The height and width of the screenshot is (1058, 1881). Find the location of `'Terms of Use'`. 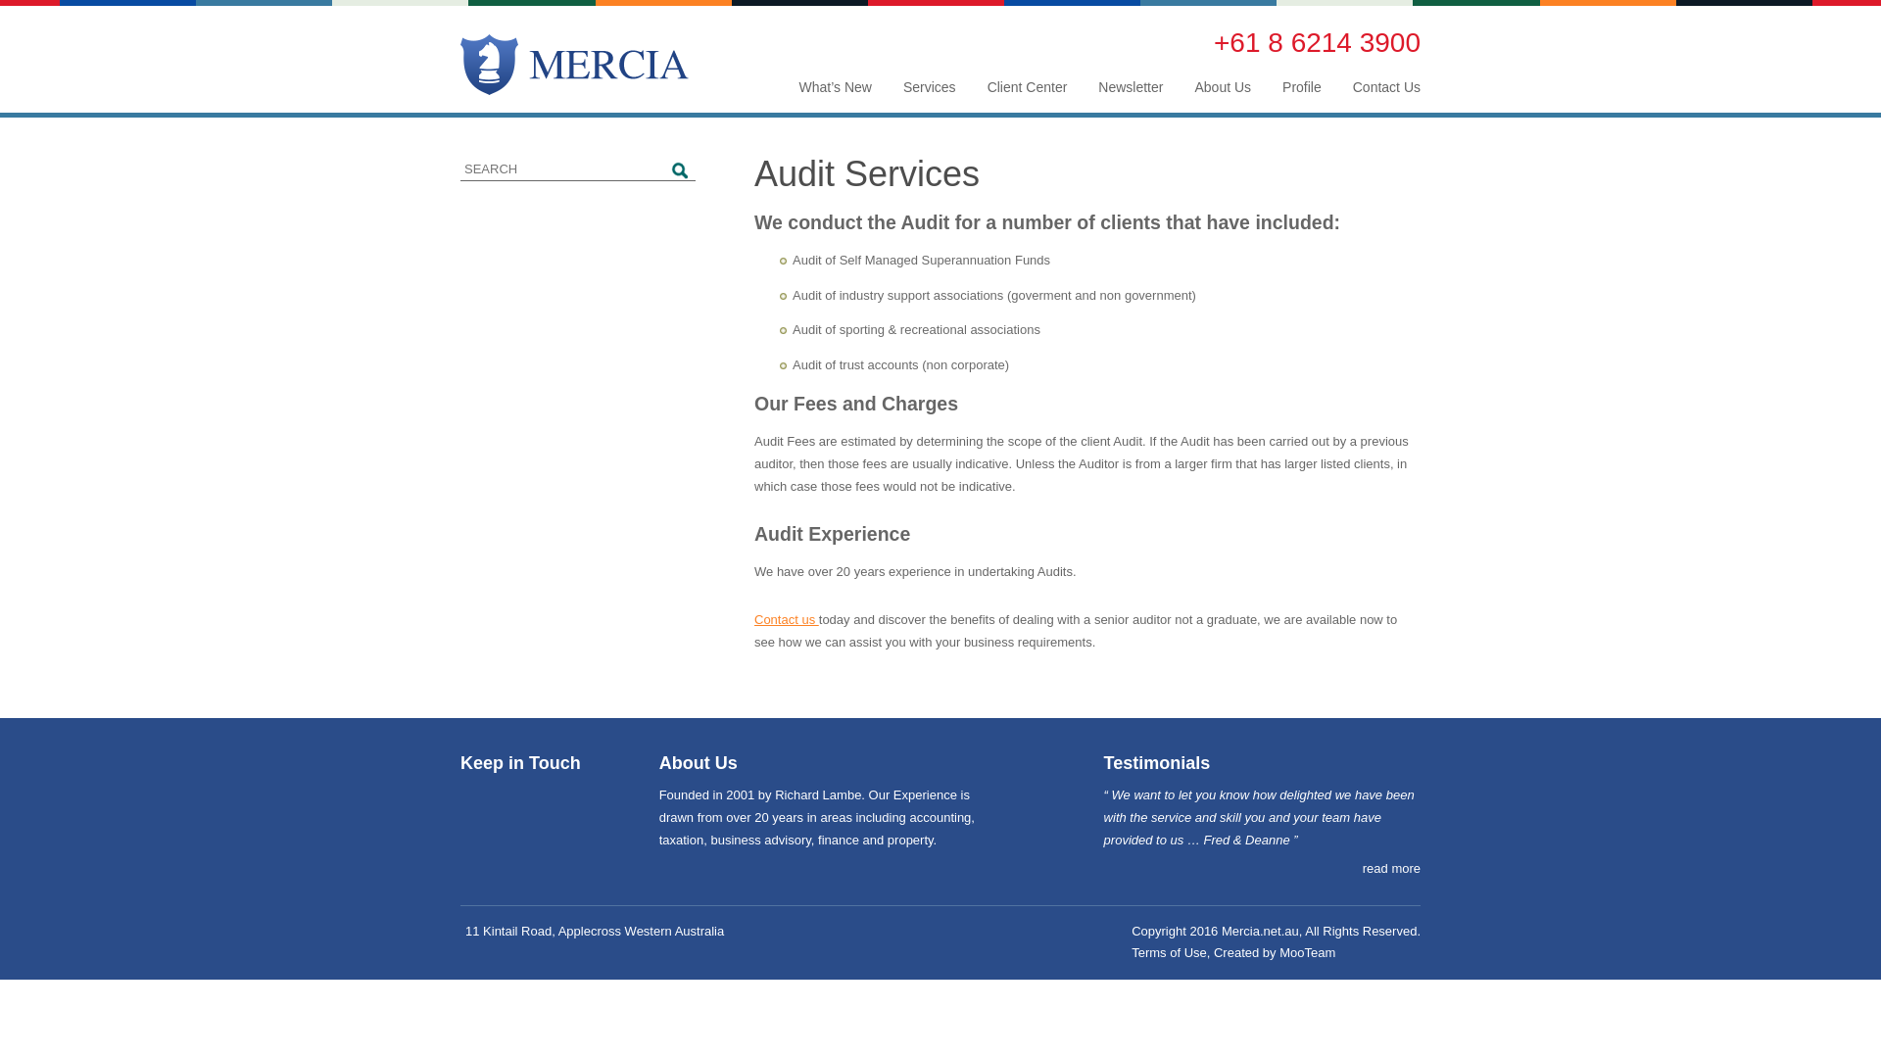

'Terms of Use' is located at coordinates (1169, 951).